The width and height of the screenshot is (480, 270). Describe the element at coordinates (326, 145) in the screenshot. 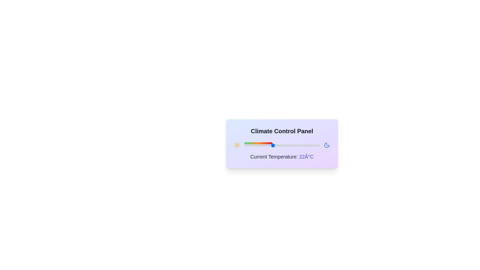

I see `the crescent moon-shaped blue icon located on the right side of the Climate Control Panel's header section` at that location.